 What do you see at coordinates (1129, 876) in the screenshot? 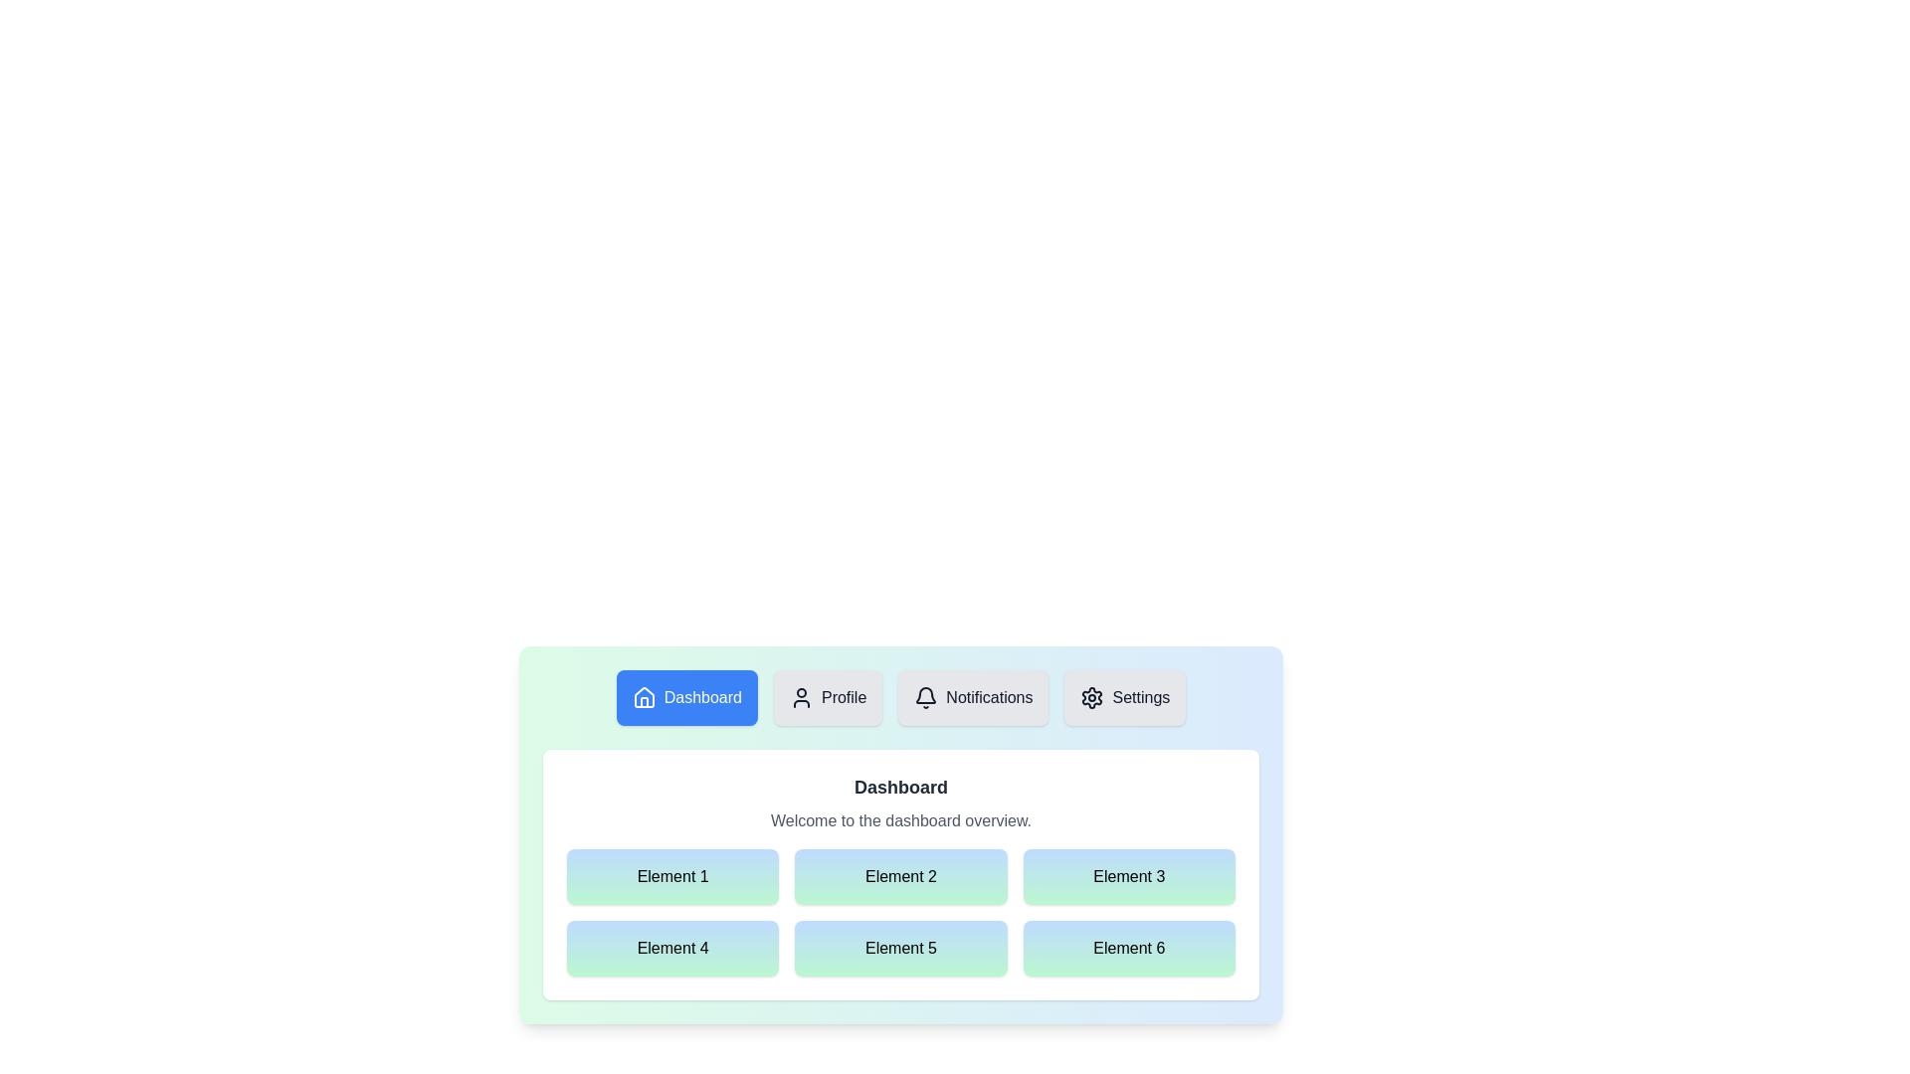
I see `the grid element labeled Element 3` at bounding box center [1129, 876].